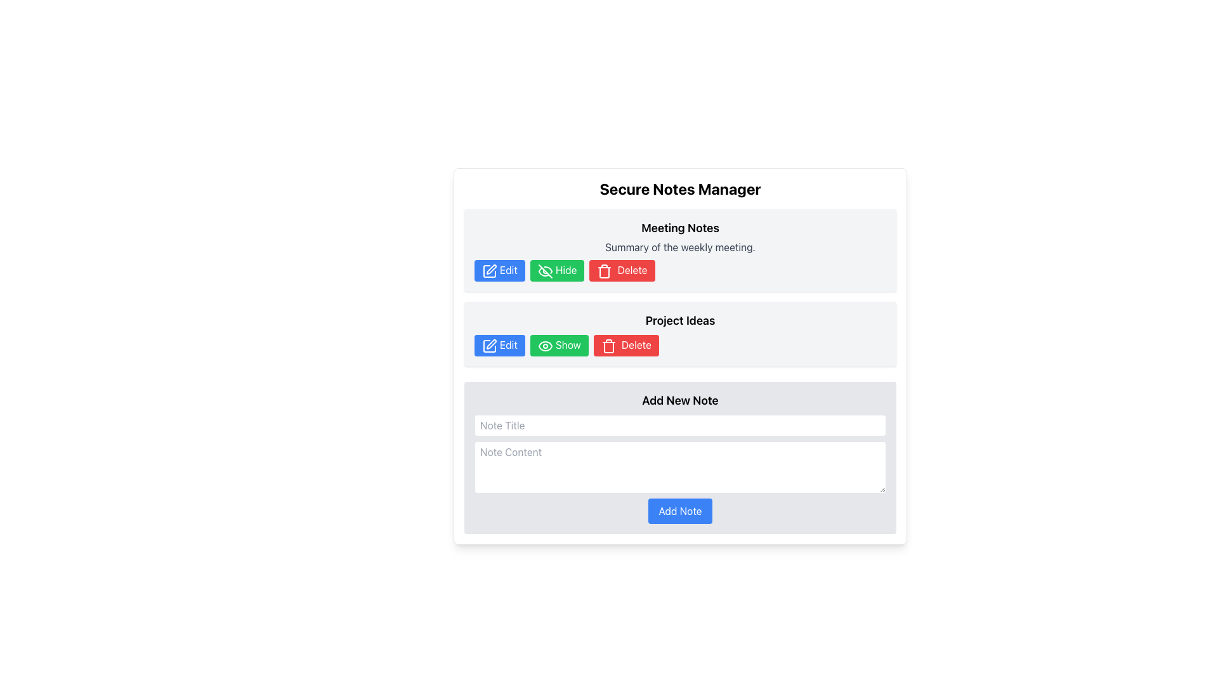 The width and height of the screenshot is (1218, 685). I want to click on the static text label that displays the summary for the 'Meeting Notes' section, positioned directly below the title 'Meeting Notes', so click(679, 247).